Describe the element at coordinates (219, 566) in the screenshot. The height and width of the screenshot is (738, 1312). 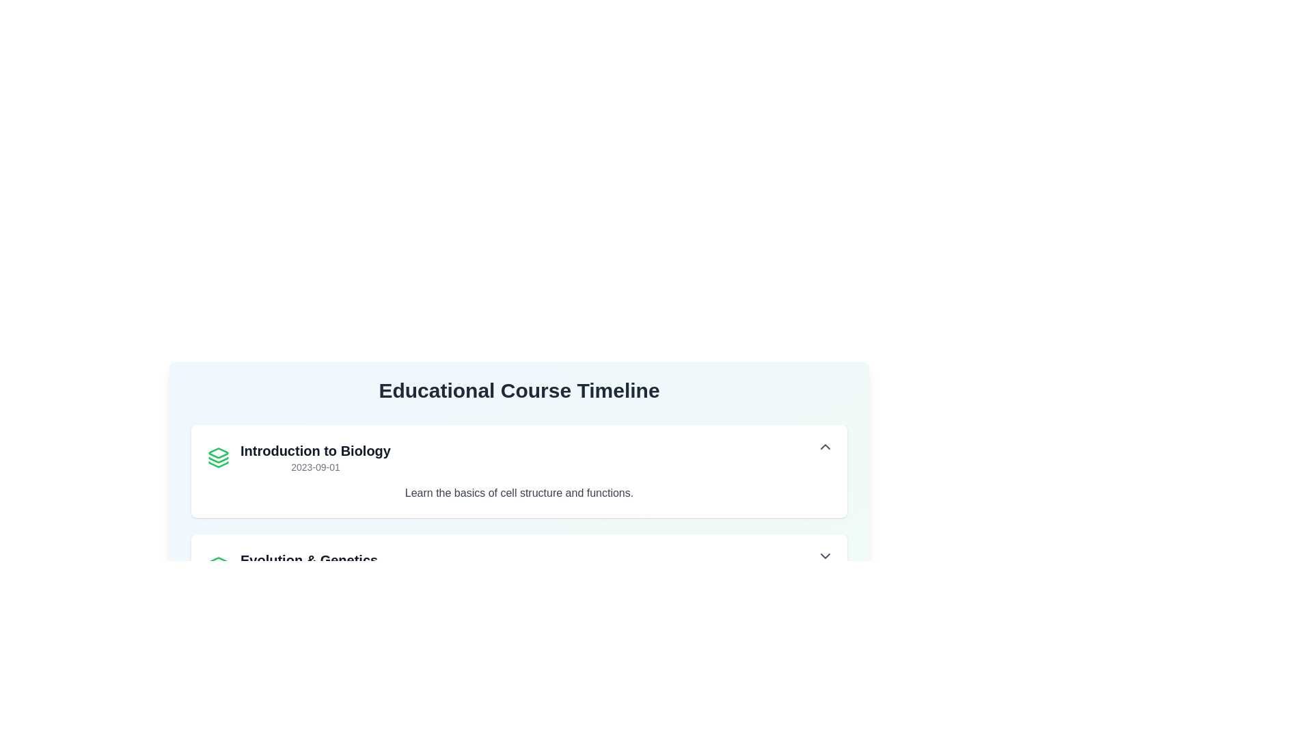
I see `the green layered icon positioned to the left of the text 'Evolution & Genetics 2023-10-01'` at that location.